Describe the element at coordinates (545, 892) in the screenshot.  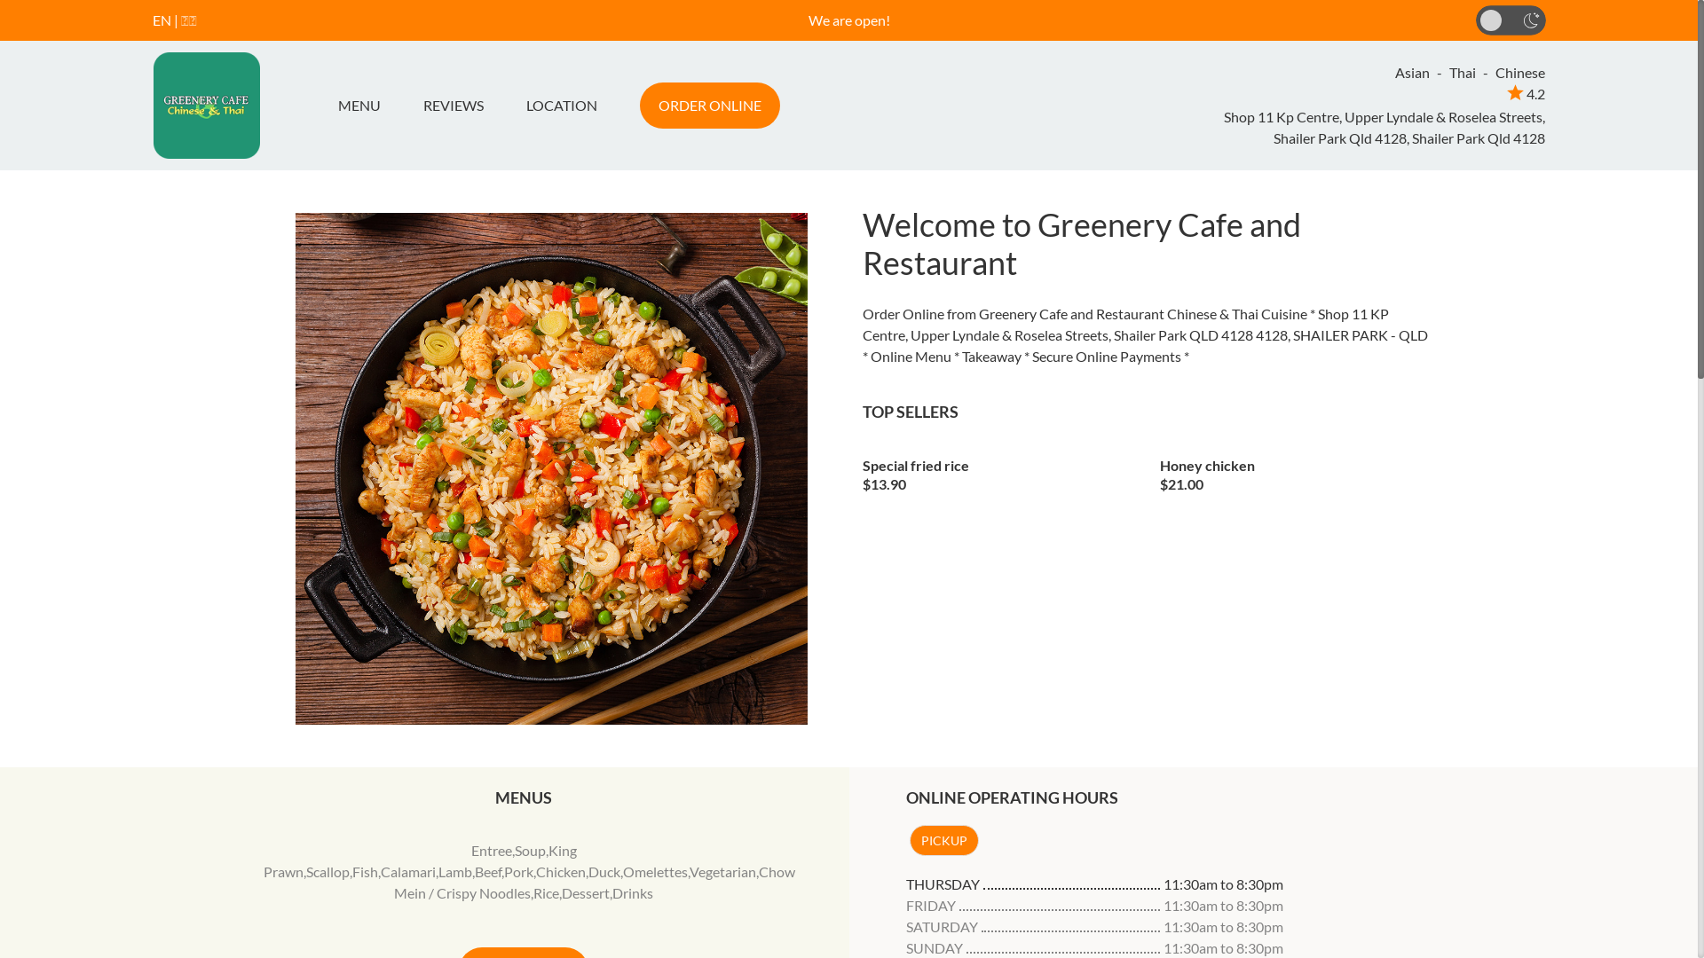
I see `'Rice'` at that location.